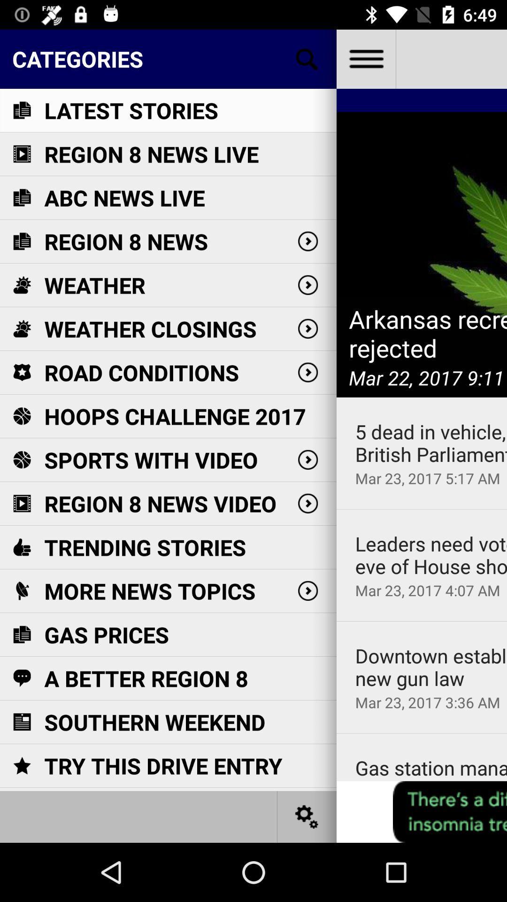 This screenshot has width=507, height=902. What do you see at coordinates (307, 816) in the screenshot?
I see `the settings icon` at bounding box center [307, 816].